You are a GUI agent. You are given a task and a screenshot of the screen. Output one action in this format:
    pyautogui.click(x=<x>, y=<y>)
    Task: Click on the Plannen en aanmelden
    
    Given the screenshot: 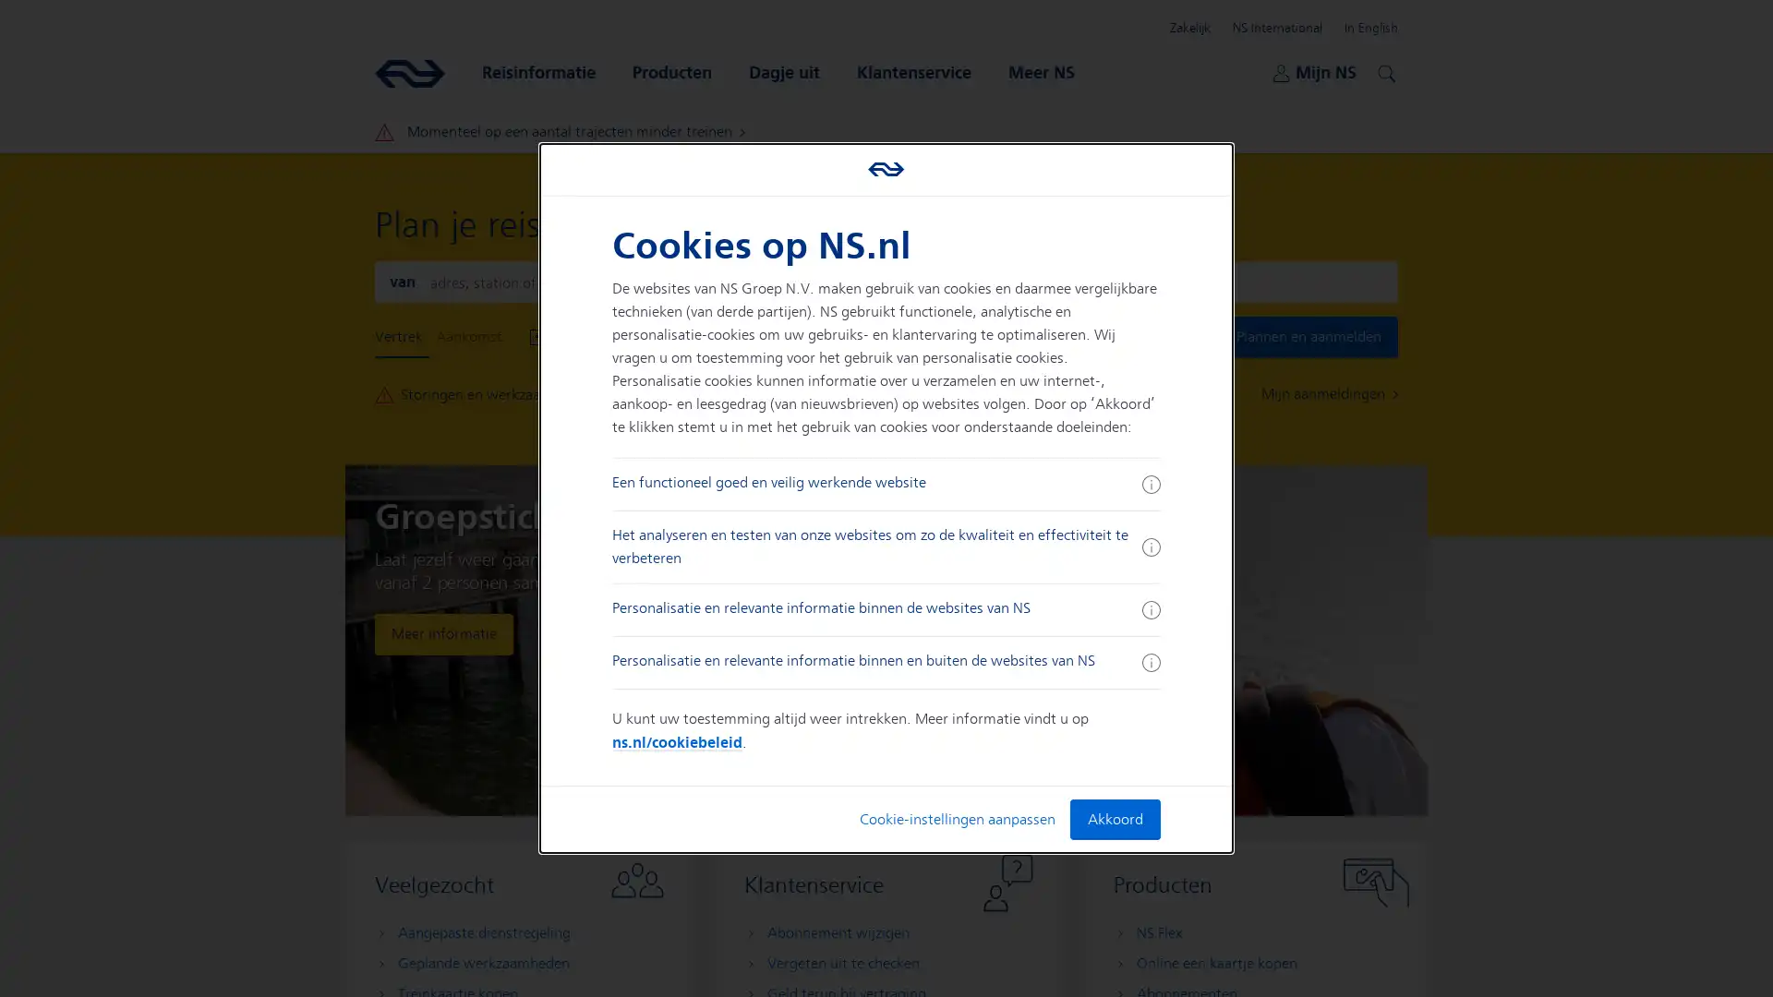 What is the action you would take?
    pyautogui.click(x=1308, y=337)
    